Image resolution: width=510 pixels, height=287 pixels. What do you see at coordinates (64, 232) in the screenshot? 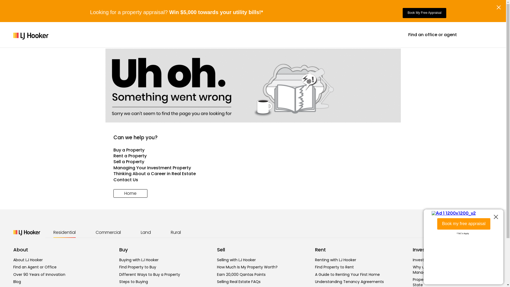
I see `'Residential'` at bounding box center [64, 232].